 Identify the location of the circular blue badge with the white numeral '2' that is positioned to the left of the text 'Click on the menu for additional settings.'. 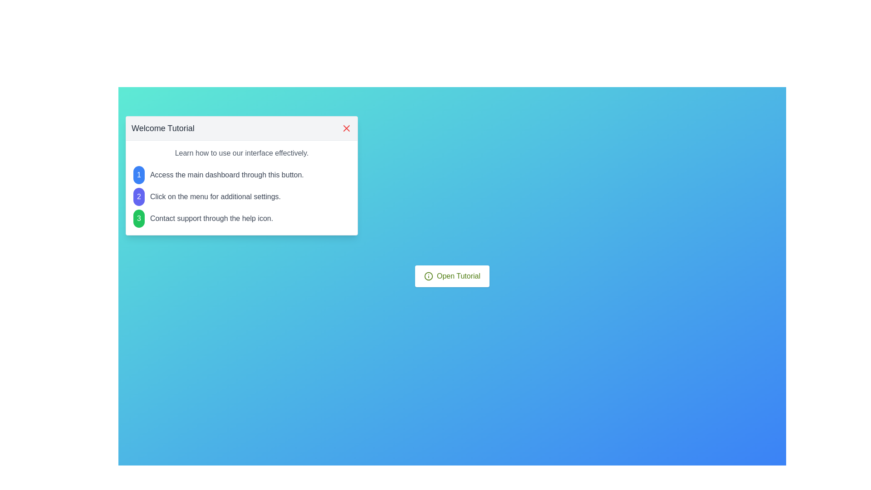
(138, 196).